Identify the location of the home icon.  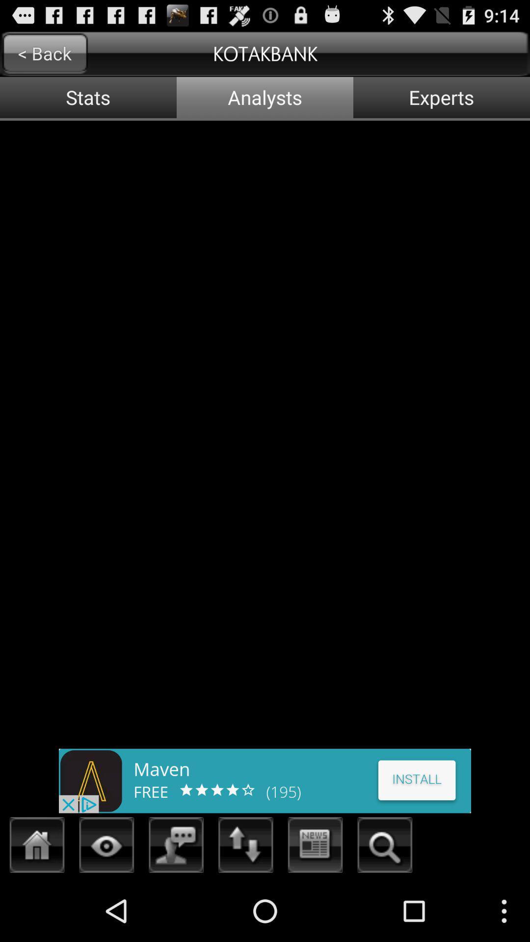
(37, 907).